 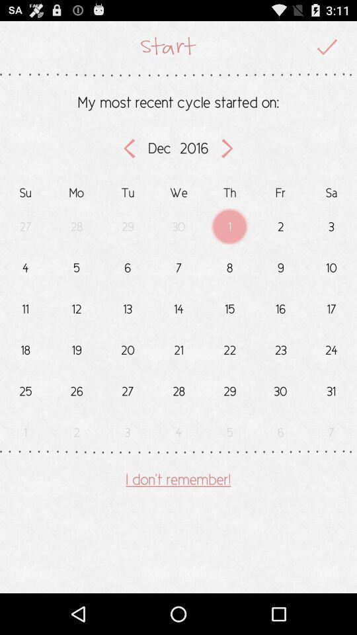 I want to click on the check icon, so click(x=327, y=50).